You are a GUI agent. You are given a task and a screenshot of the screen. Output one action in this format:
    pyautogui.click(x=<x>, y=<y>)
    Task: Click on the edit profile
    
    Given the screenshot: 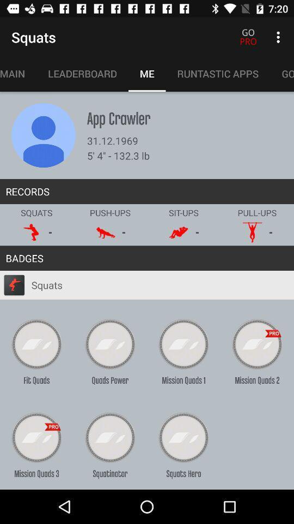 What is the action you would take?
    pyautogui.click(x=43, y=135)
    